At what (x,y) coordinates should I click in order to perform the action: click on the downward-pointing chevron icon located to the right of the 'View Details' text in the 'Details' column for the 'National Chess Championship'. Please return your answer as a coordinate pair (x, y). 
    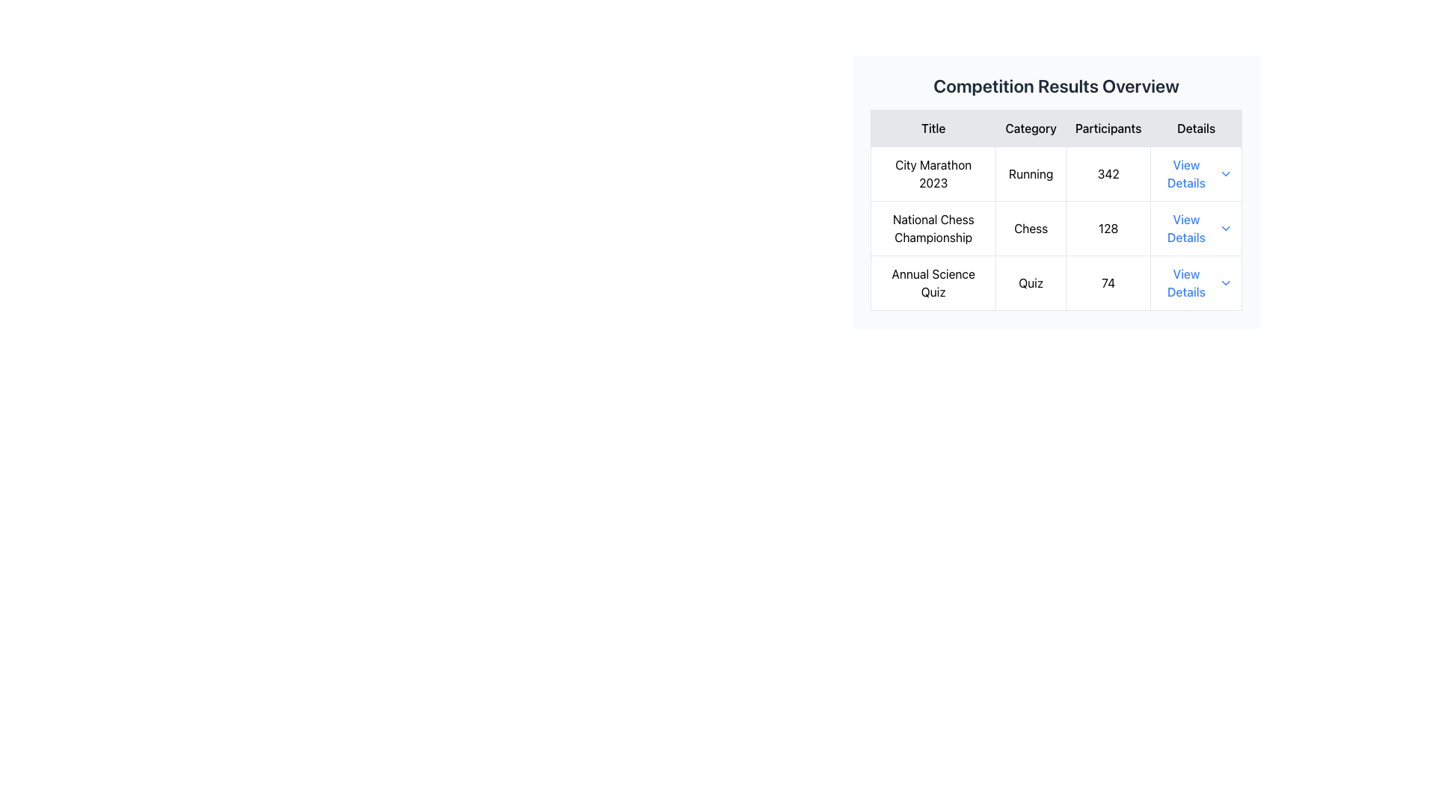
    Looking at the image, I should click on (1225, 228).